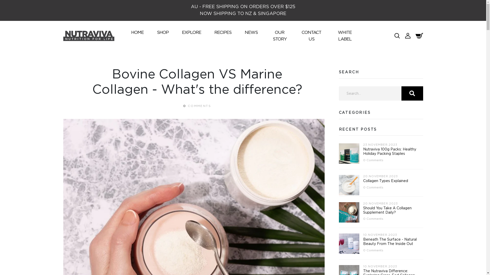  Describe the element at coordinates (137, 32) in the screenshot. I see `'HOME'` at that location.